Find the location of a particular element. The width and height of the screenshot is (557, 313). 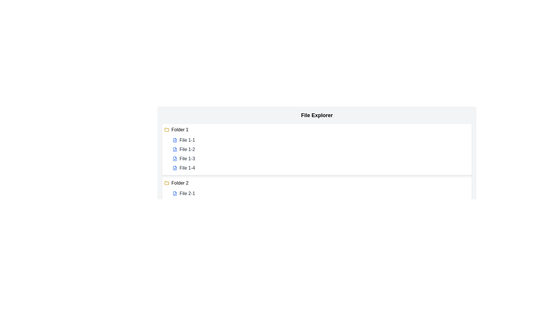

the SVG icon resembling a file with a plus sign is located at coordinates (175, 193).